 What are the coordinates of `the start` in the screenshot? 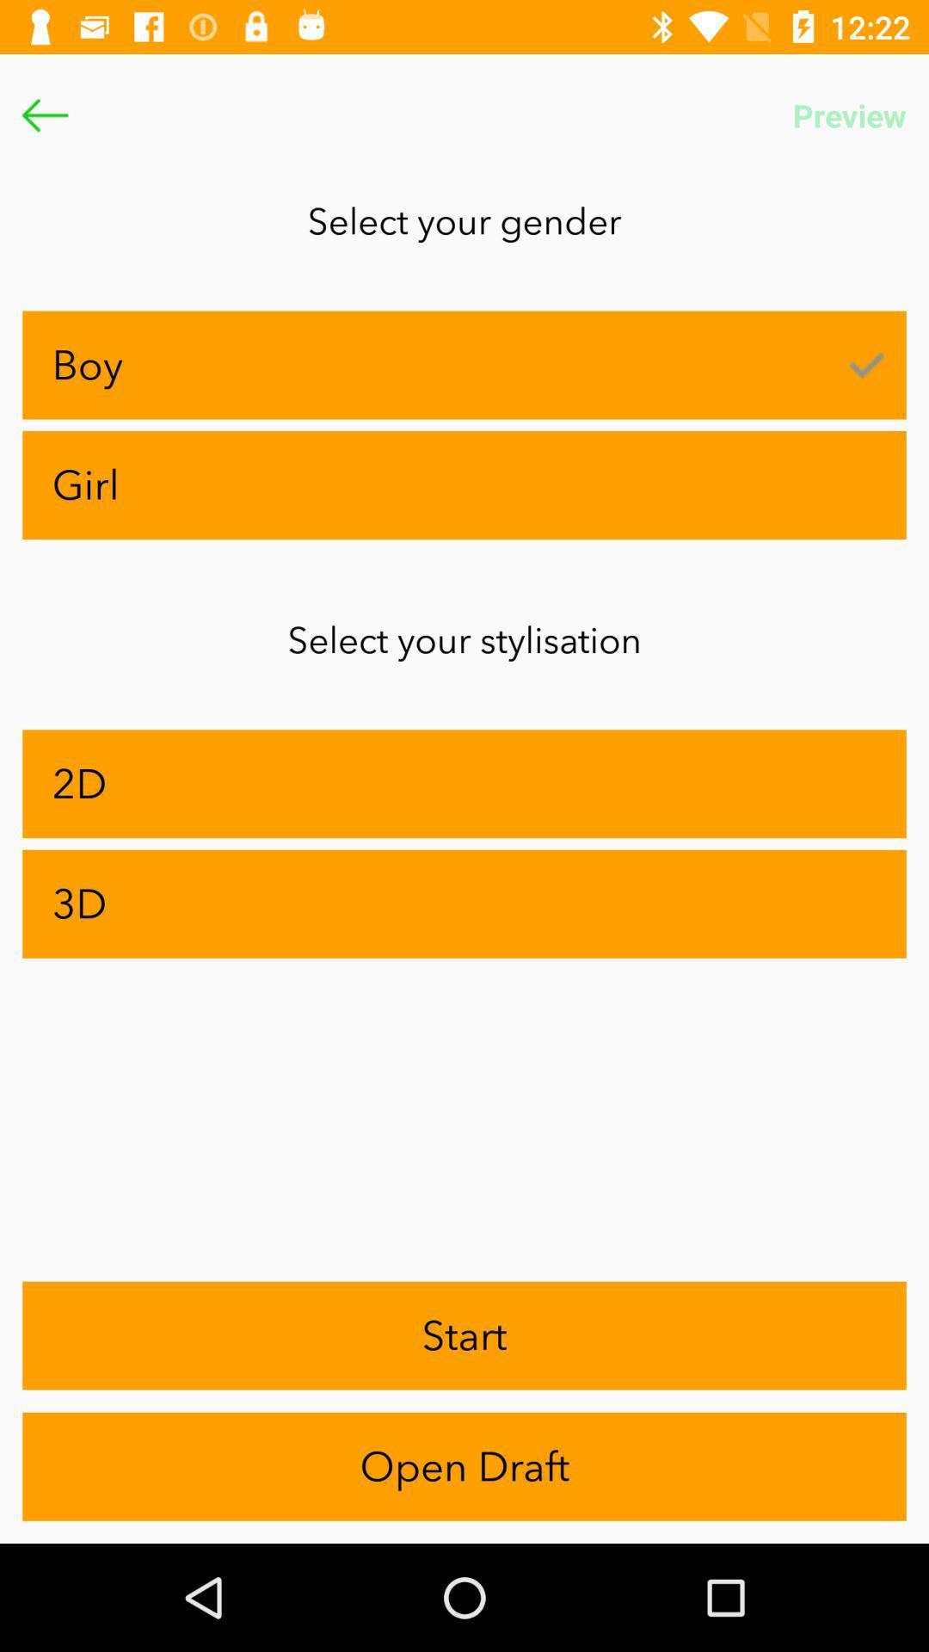 It's located at (464, 1335).